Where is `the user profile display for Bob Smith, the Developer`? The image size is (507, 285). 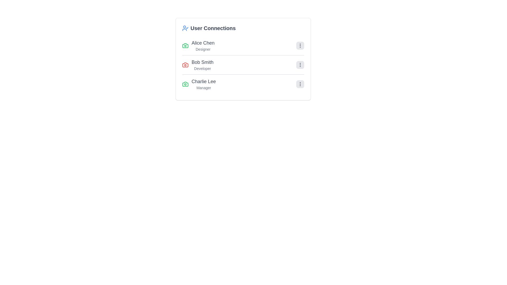 the user profile display for Bob Smith, the Developer is located at coordinates (197, 65).